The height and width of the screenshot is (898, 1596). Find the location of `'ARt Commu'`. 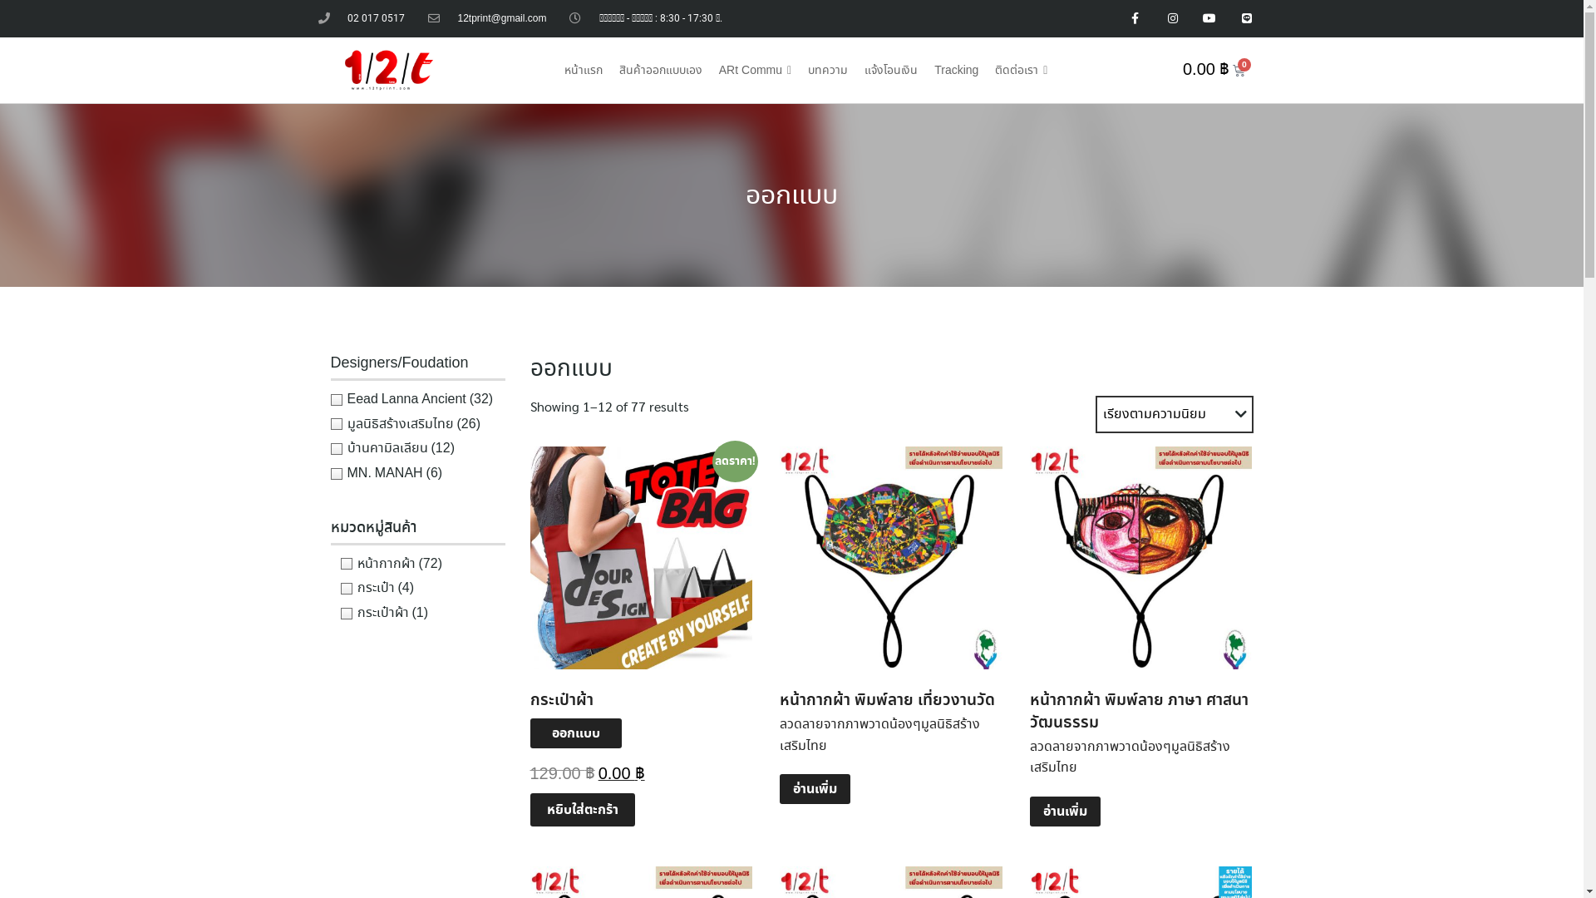

'ARt Commu' is located at coordinates (754, 69).